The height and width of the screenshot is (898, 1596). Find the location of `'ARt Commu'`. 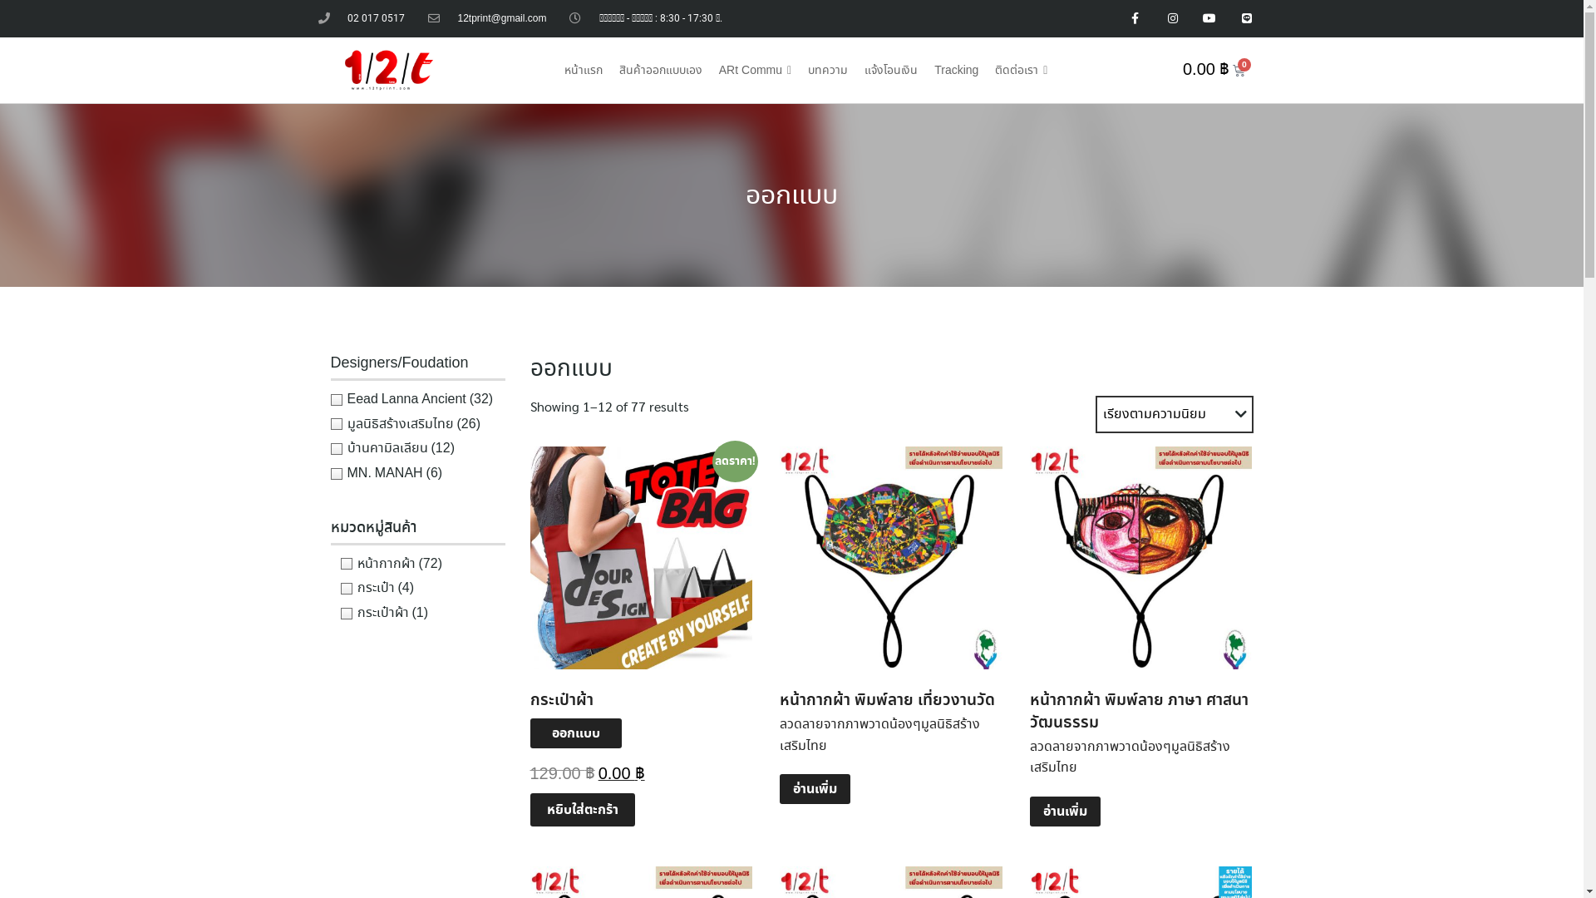

'ARt Commu' is located at coordinates (754, 69).